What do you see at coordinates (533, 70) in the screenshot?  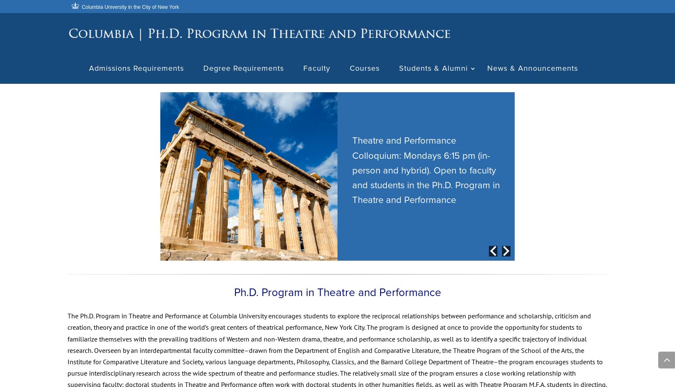 I see `'News & Announcements'` at bounding box center [533, 70].